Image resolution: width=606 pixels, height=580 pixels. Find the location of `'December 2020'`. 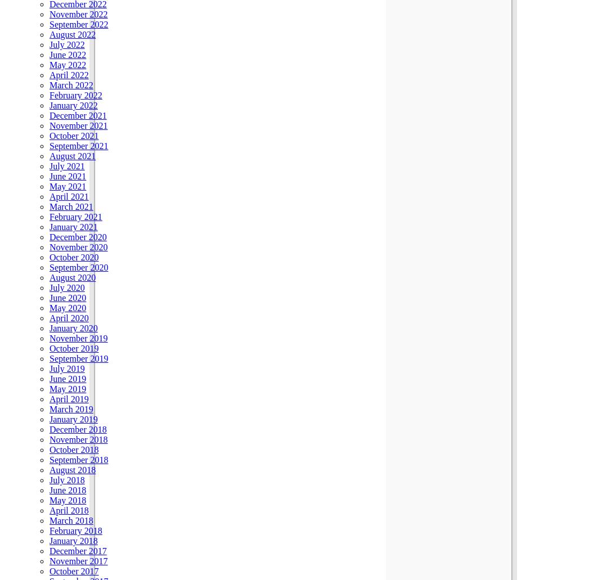

'December 2020' is located at coordinates (78, 236).